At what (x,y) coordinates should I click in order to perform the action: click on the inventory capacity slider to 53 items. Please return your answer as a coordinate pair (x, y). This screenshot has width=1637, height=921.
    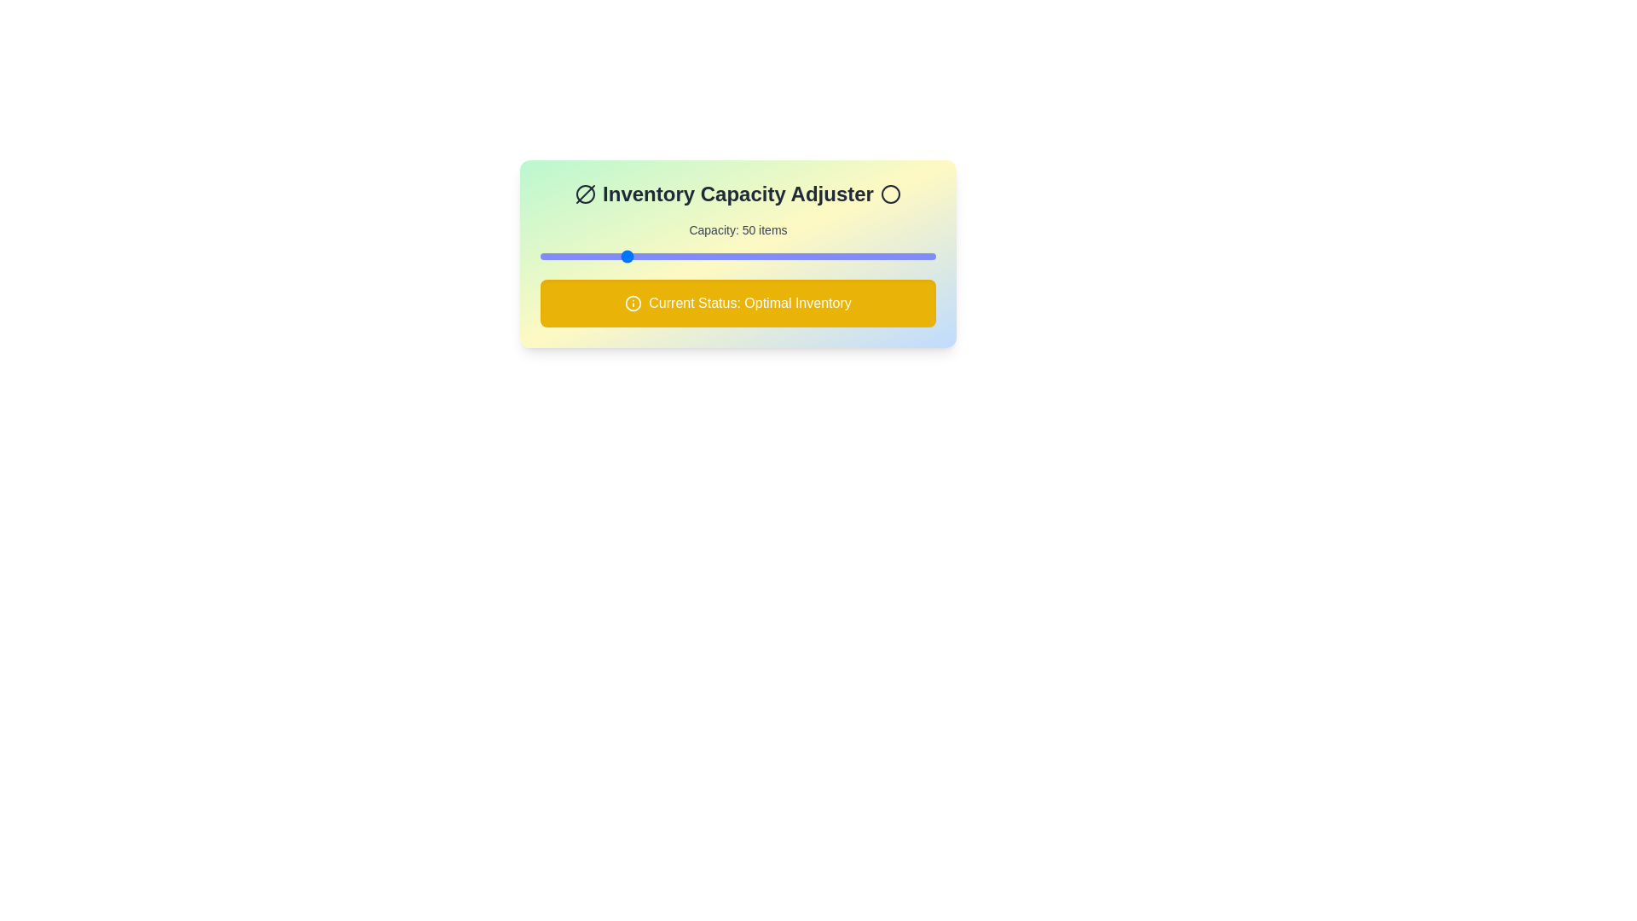
    Looking at the image, I should click on (629, 256).